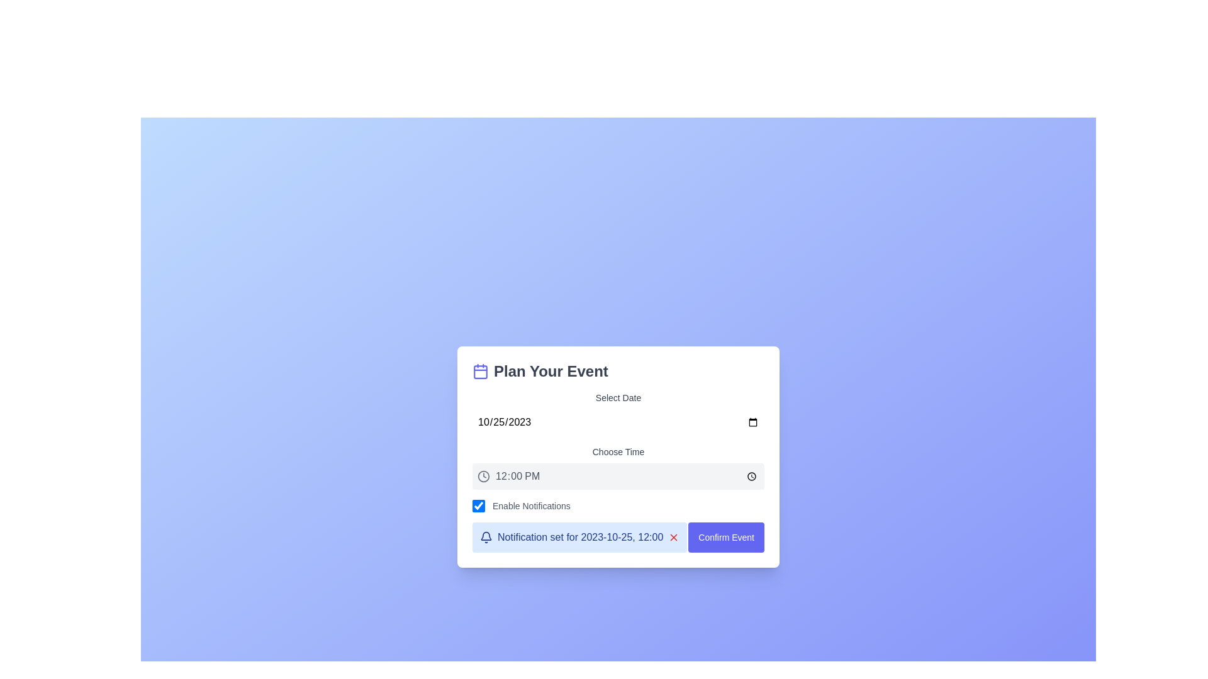  Describe the element at coordinates (726, 538) in the screenshot. I see `the 'Confirm Event' button with a blue background and white text, located in the bottom-right corner of the notification setup interface` at that location.